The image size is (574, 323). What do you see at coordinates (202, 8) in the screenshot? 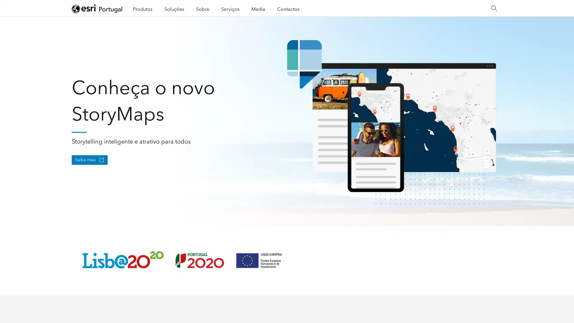
I see `Sobre` at bounding box center [202, 8].